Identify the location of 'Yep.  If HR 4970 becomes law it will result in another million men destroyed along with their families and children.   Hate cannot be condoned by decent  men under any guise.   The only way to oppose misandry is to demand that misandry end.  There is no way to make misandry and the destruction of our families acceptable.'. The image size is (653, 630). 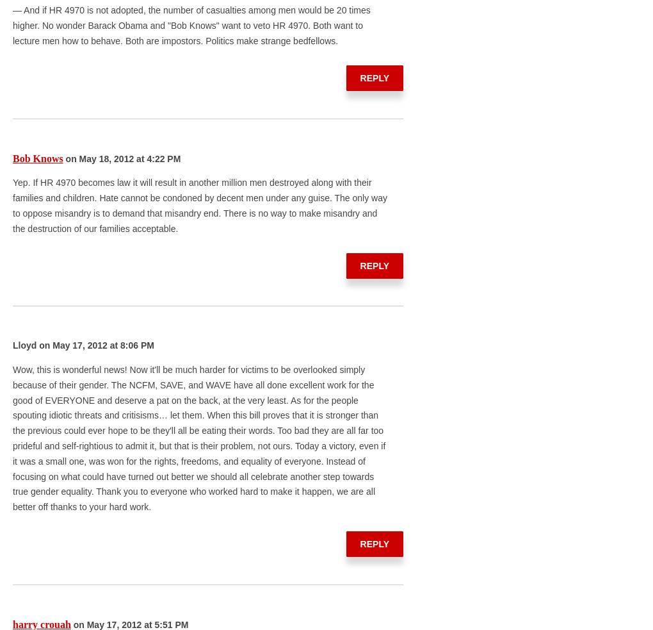
(200, 205).